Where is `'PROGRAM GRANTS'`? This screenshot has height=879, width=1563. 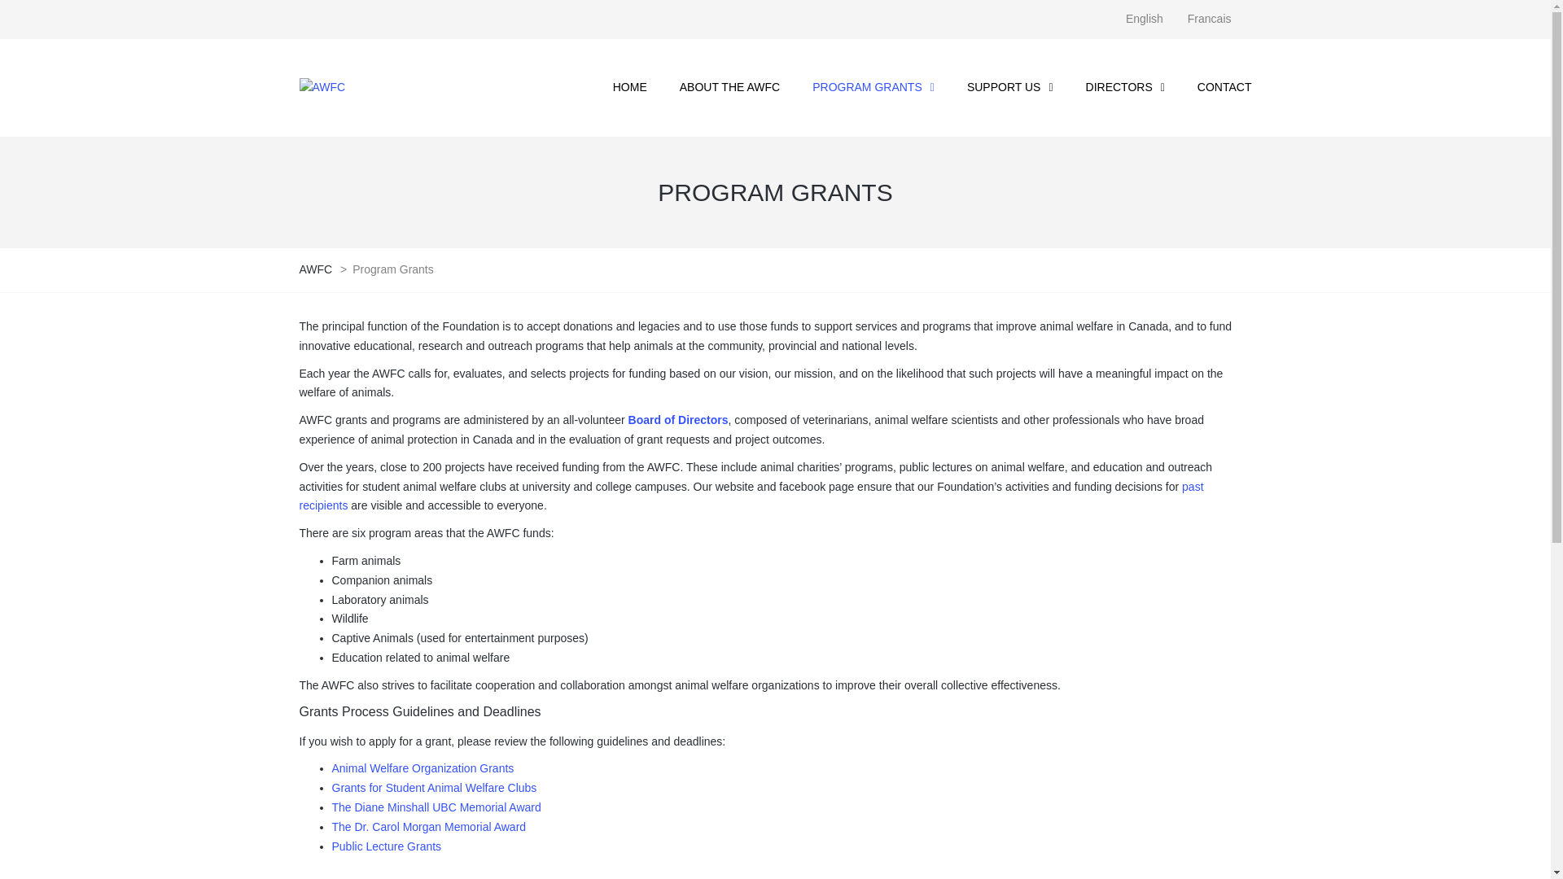 'PROGRAM GRANTS' is located at coordinates (873, 88).